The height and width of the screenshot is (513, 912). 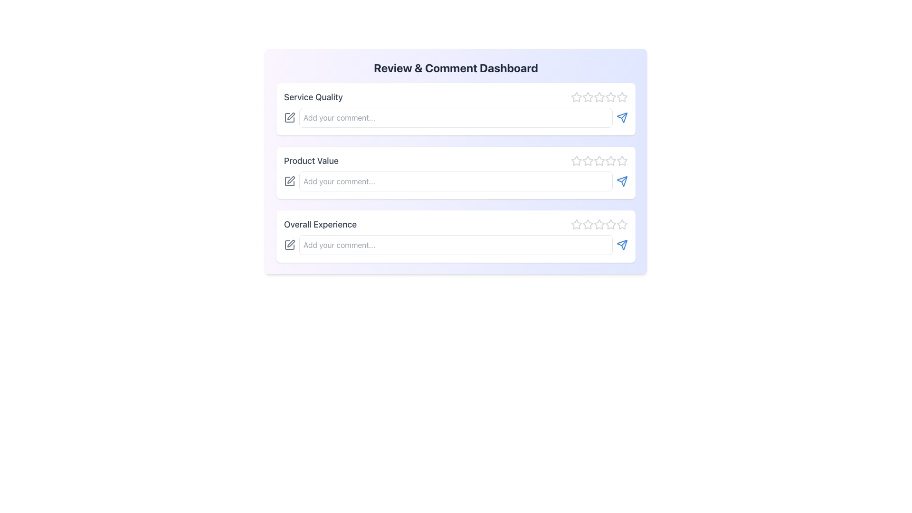 I want to click on the fourth star in the 'Overall Experience' row of the rating system, so click(x=599, y=225).